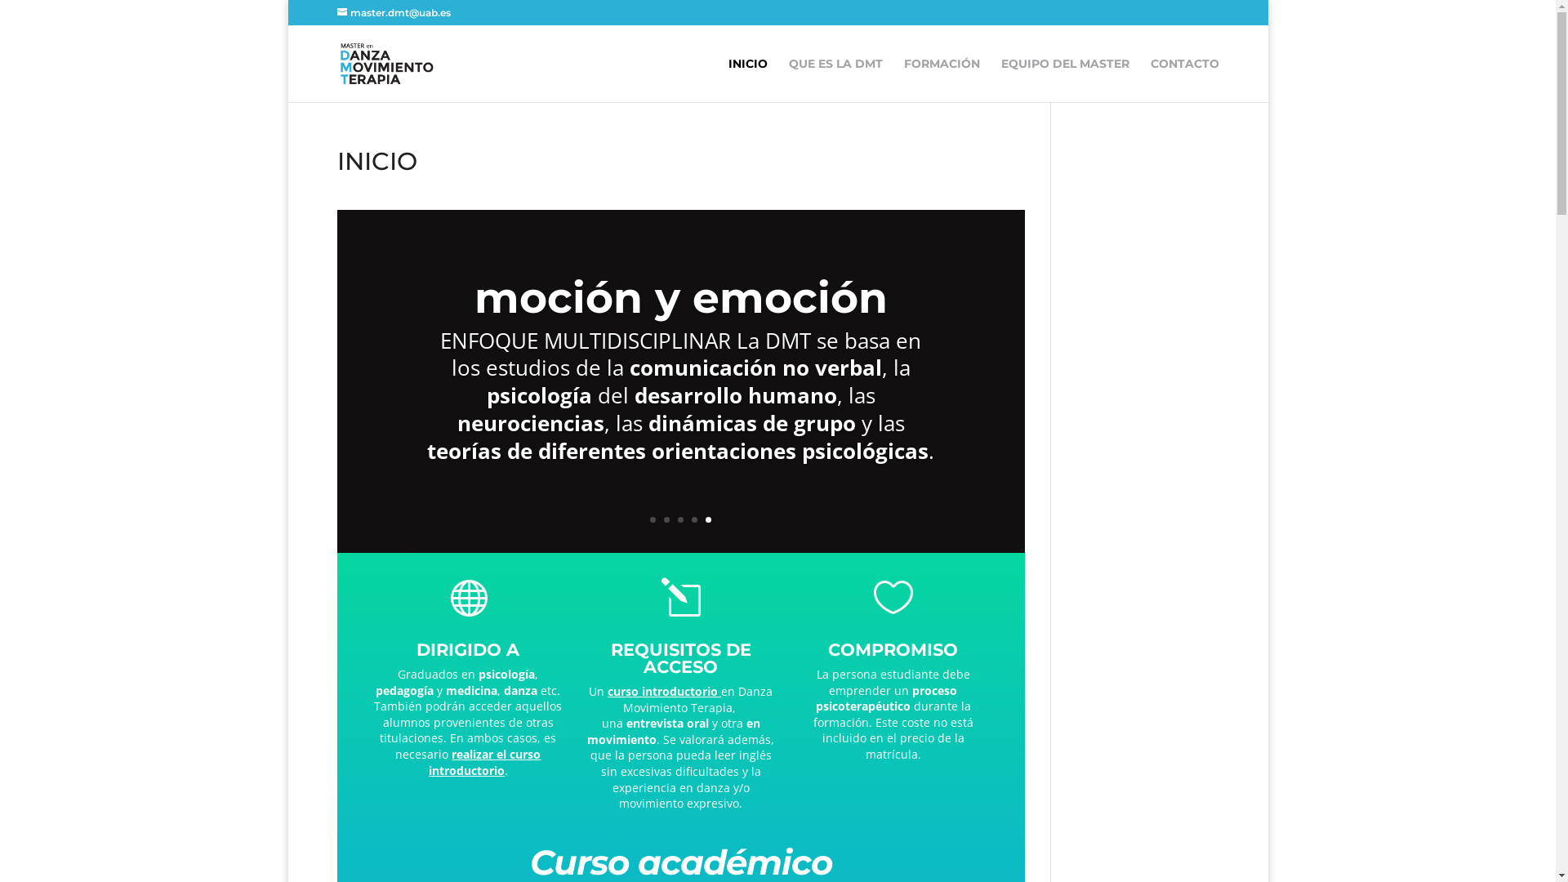 The height and width of the screenshot is (882, 1568). Describe the element at coordinates (666, 519) in the screenshot. I see `'2'` at that location.